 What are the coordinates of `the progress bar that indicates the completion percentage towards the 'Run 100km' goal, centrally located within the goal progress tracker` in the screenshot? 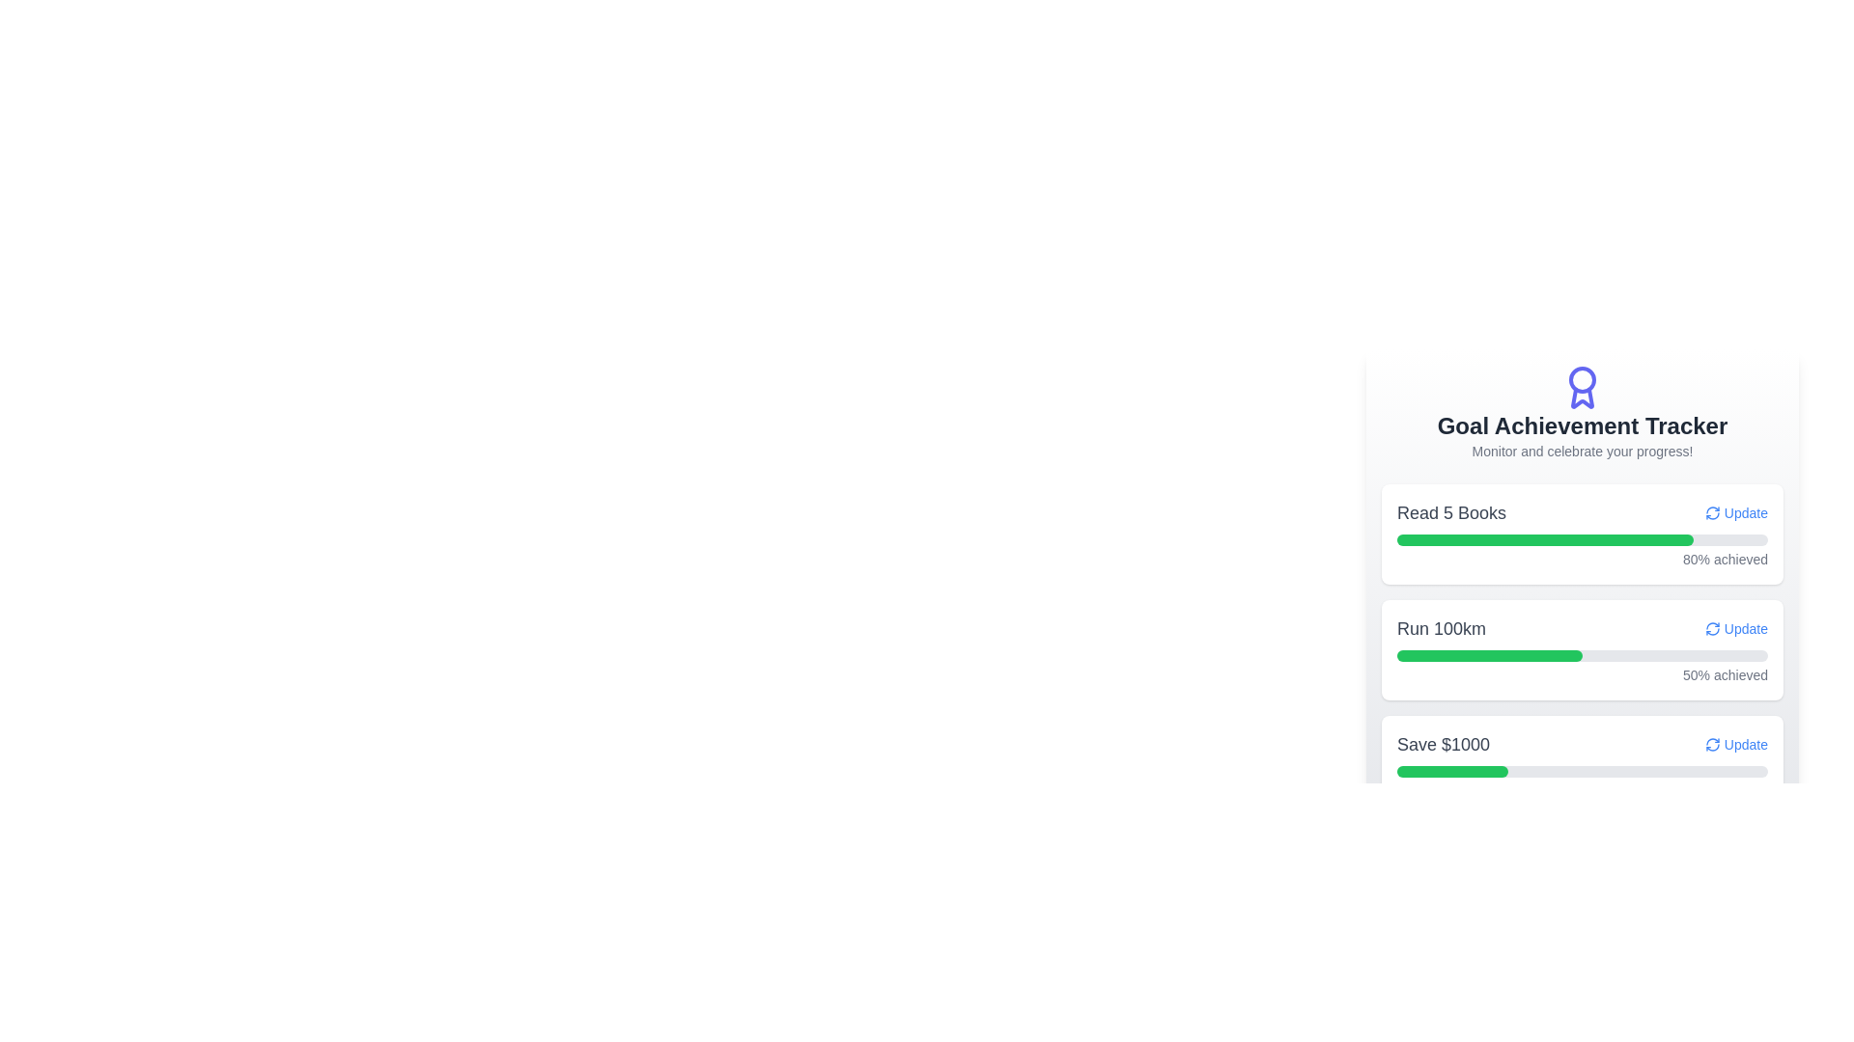 It's located at (1582, 654).